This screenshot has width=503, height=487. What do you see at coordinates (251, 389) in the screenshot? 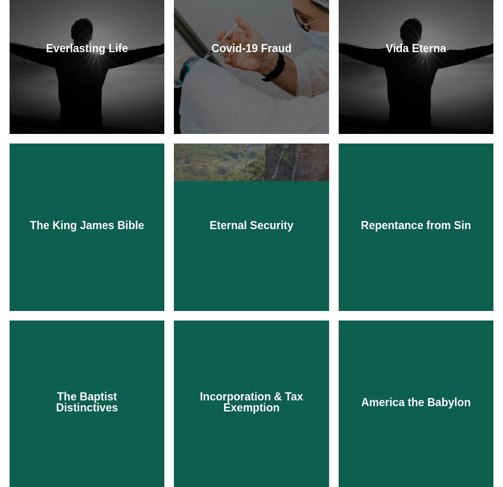
I see `'Learn why someone can't lose true salvation.'` at bounding box center [251, 389].